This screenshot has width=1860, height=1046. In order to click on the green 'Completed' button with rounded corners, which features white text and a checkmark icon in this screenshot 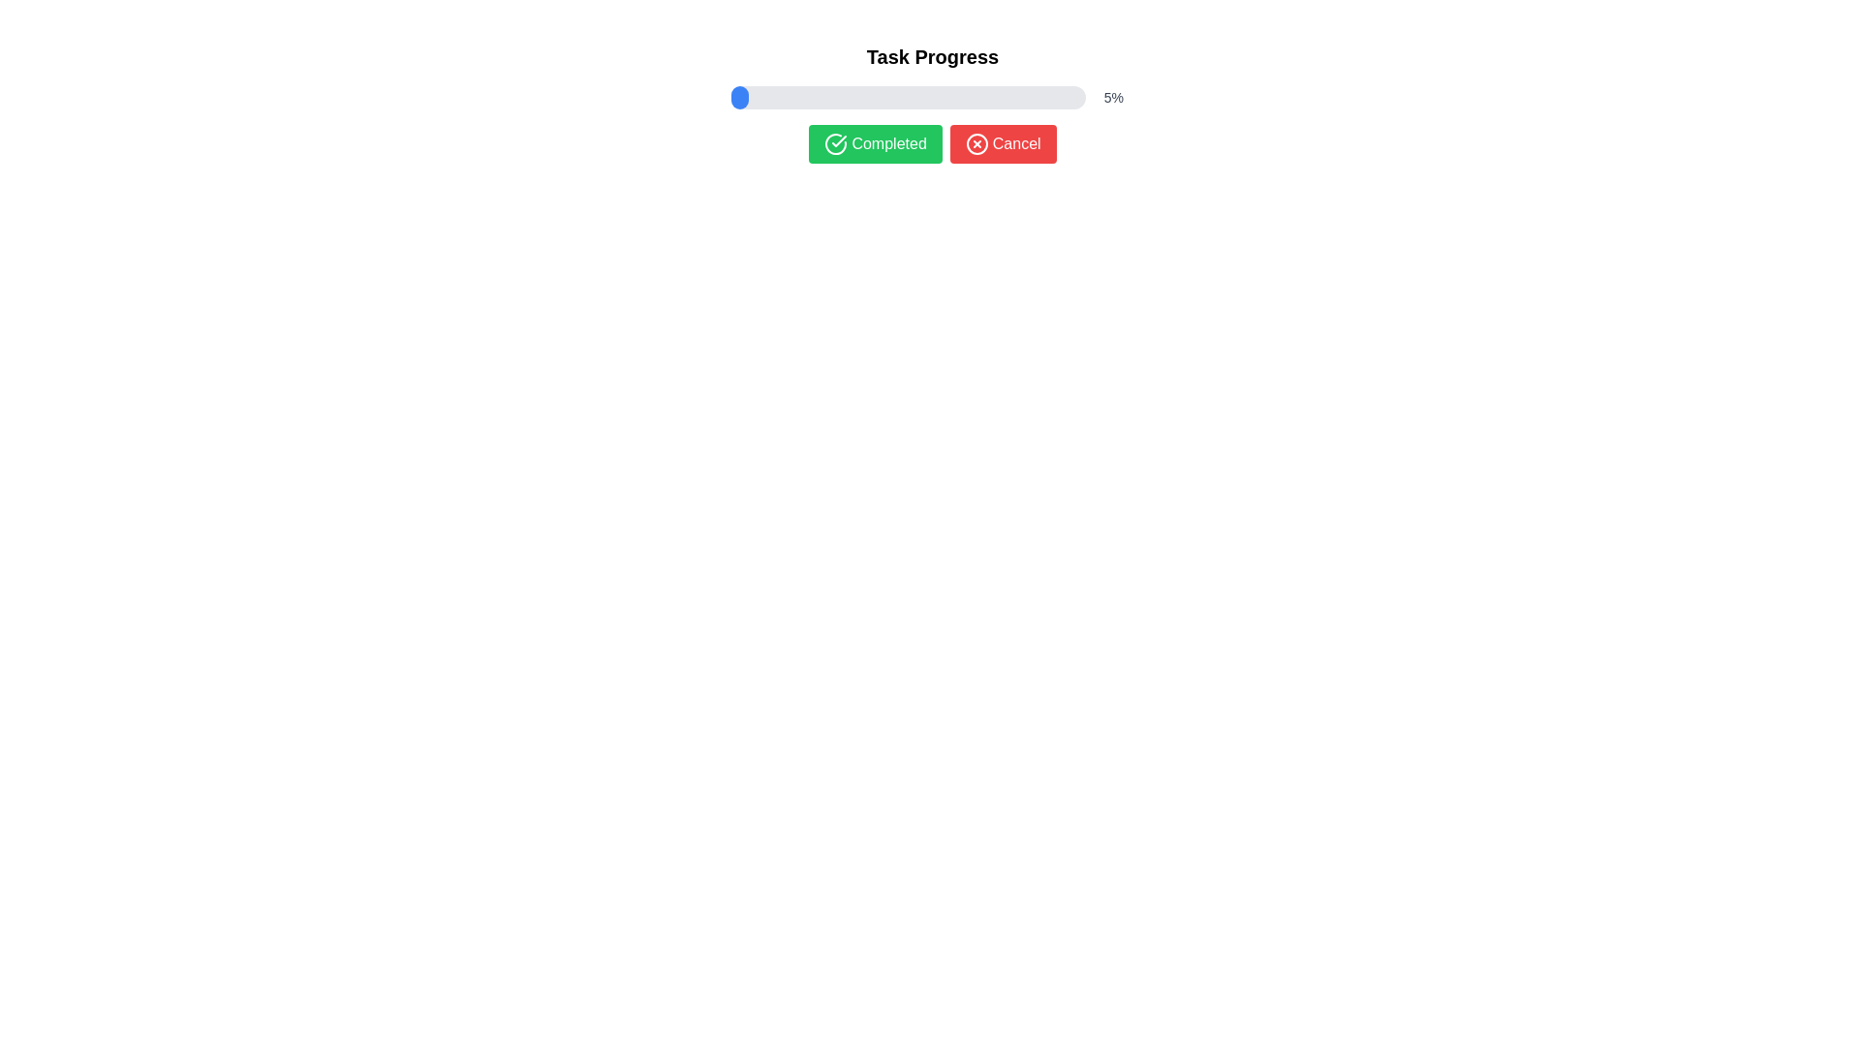, I will do `click(875, 143)`.